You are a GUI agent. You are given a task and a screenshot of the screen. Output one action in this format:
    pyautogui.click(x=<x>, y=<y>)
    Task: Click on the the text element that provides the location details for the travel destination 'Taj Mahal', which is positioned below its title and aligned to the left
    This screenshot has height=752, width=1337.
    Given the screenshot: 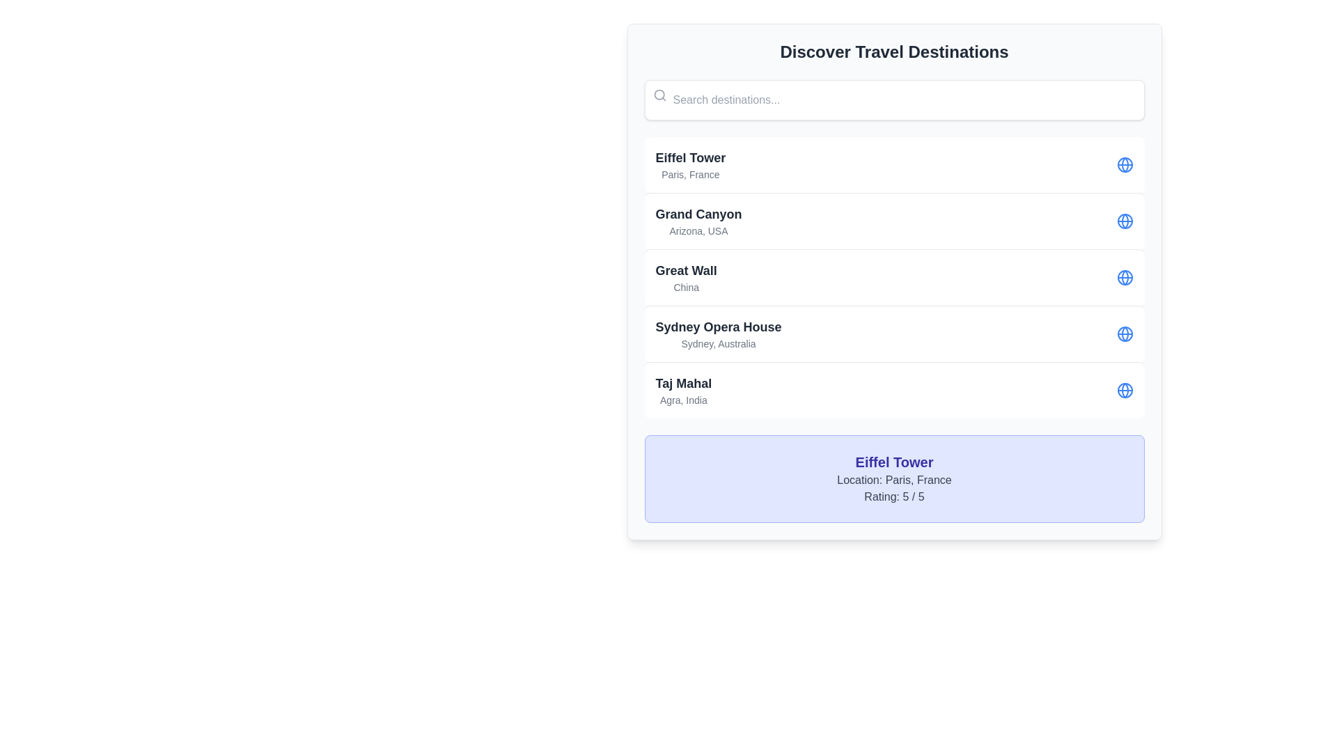 What is the action you would take?
    pyautogui.click(x=683, y=400)
    